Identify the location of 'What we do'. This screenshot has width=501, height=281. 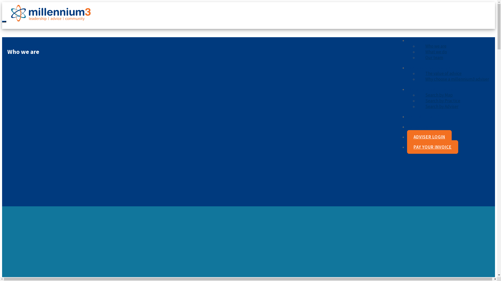
(436, 52).